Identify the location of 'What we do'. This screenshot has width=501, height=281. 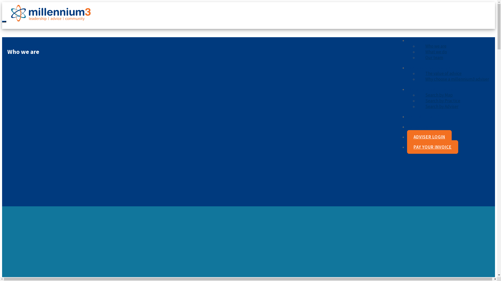
(436, 52).